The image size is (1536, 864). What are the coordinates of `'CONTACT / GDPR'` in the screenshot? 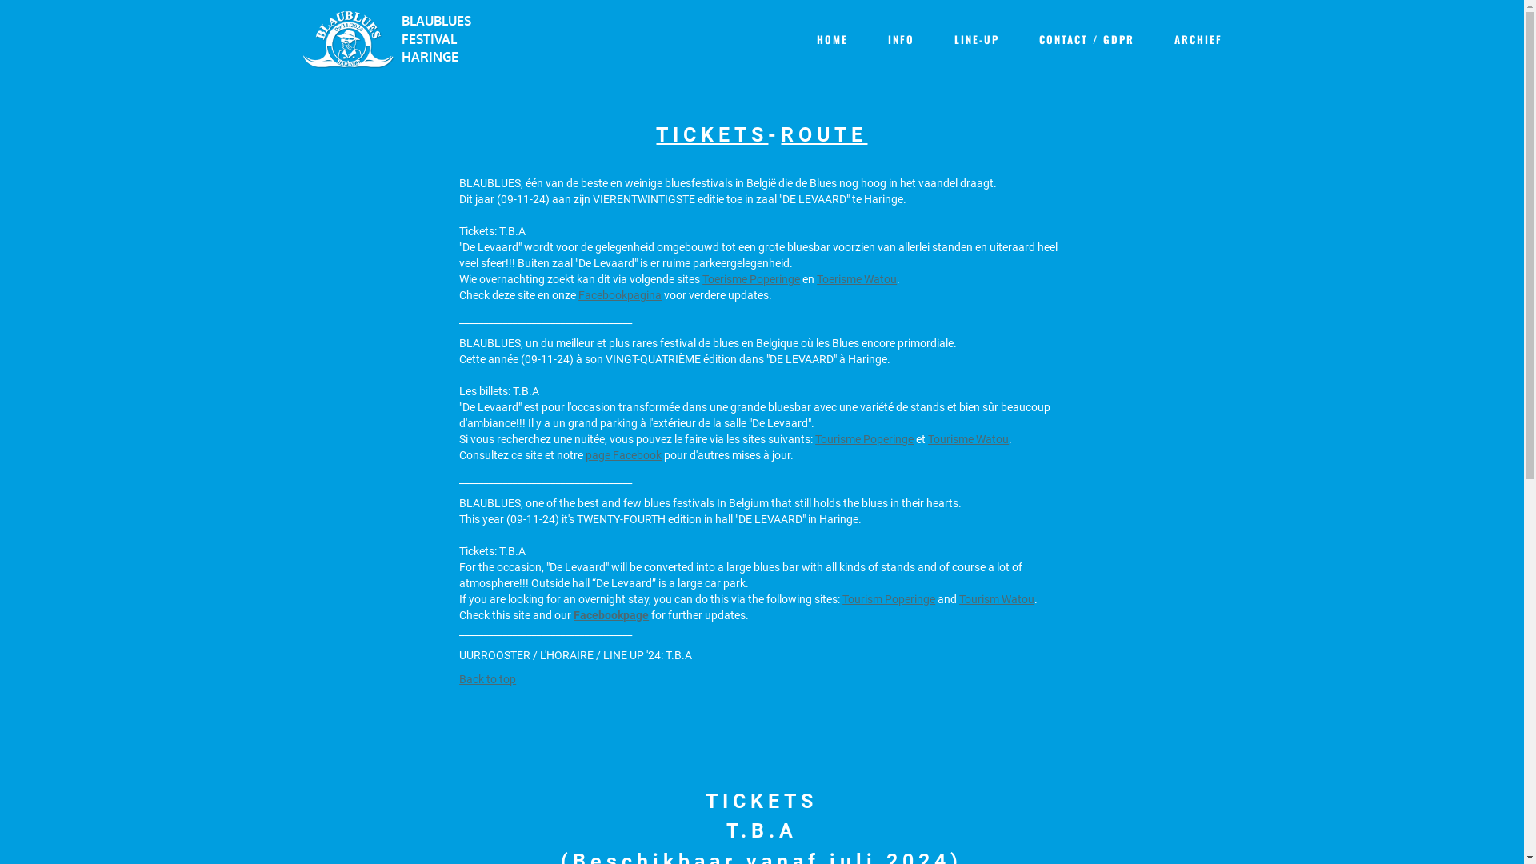 It's located at (1086, 38).